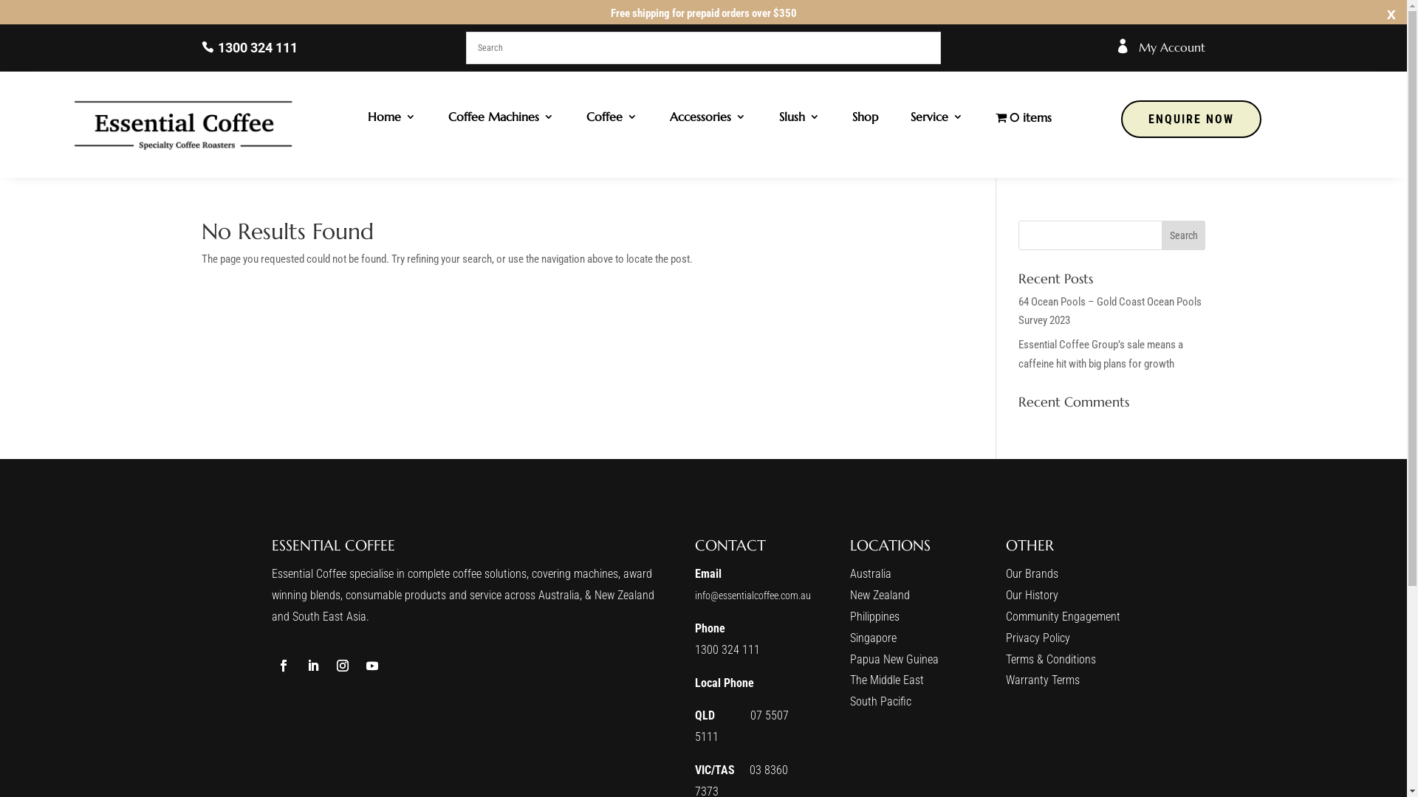 This screenshot has height=797, width=1418. I want to click on 'Follow on Instagram', so click(342, 666).